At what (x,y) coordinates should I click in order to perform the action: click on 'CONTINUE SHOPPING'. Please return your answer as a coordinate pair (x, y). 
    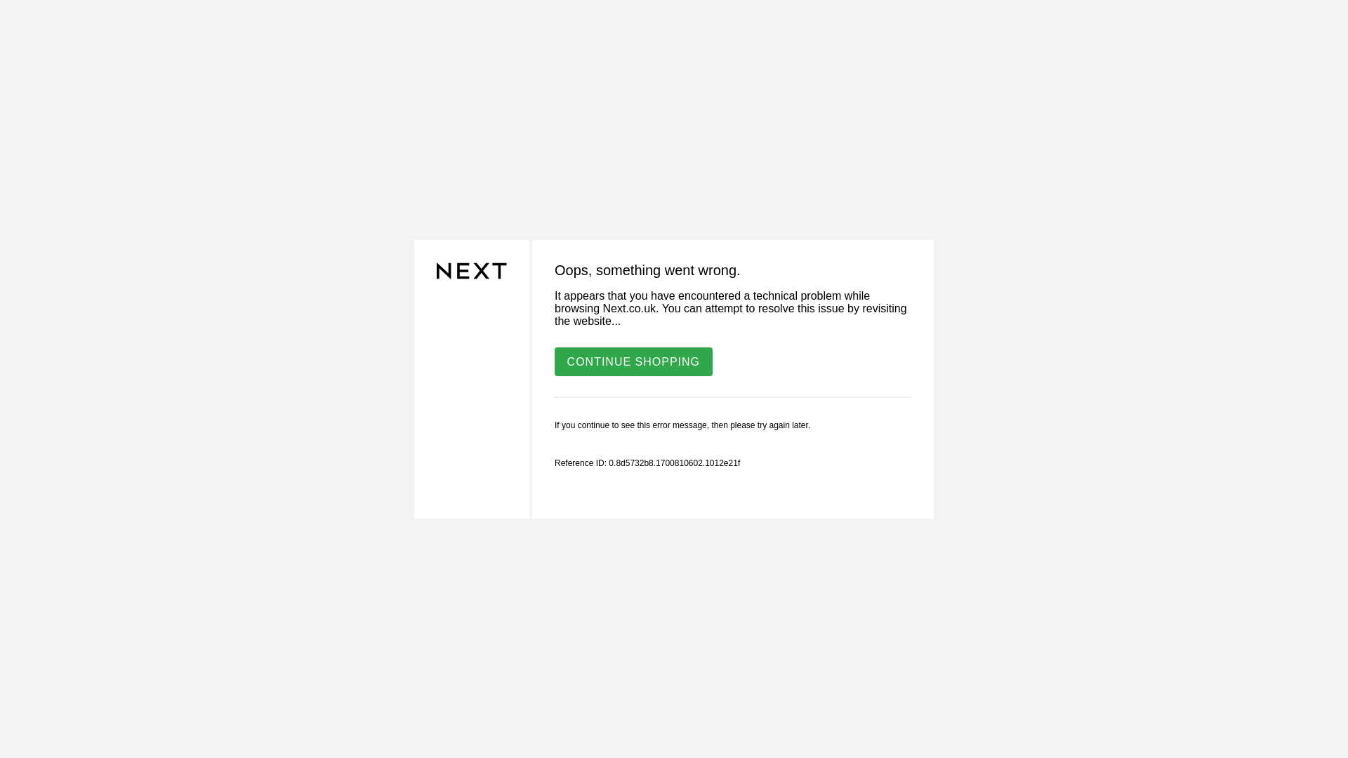
    Looking at the image, I should click on (633, 360).